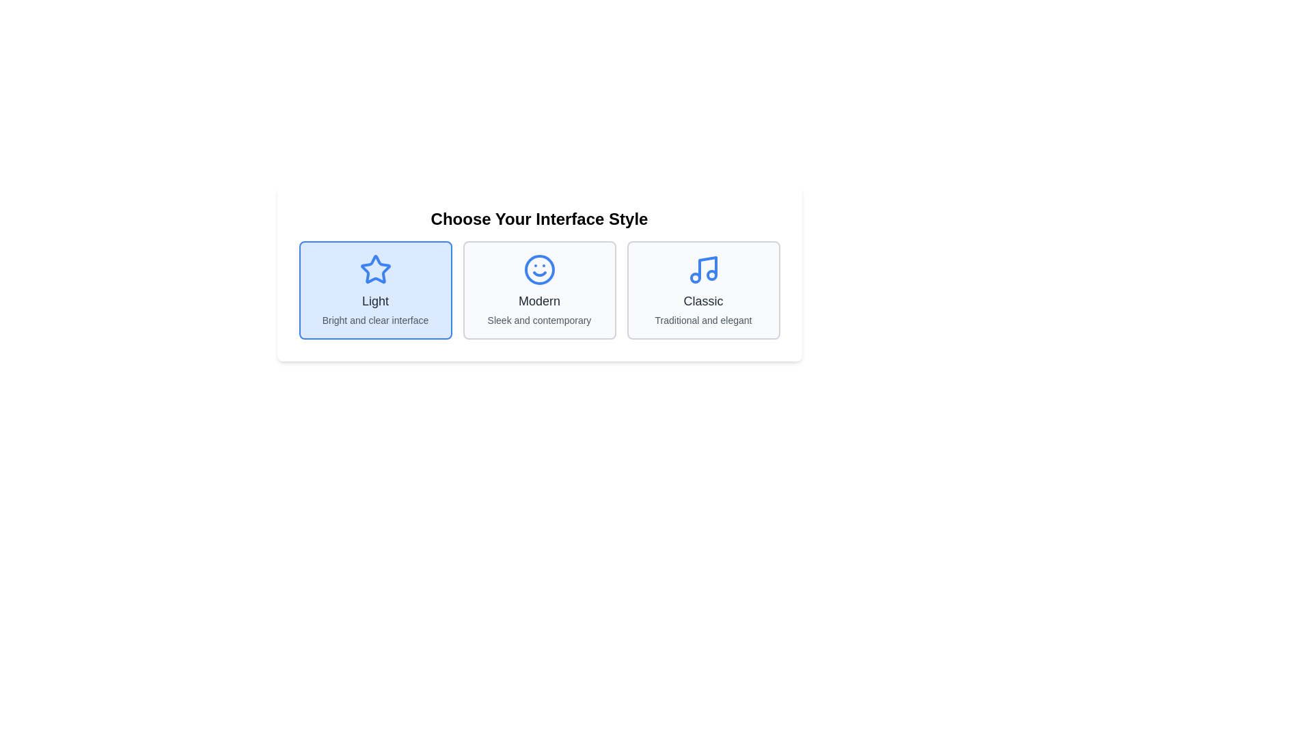 The width and height of the screenshot is (1312, 738). What do you see at coordinates (538, 289) in the screenshot?
I see `details of the 'Modern' option card, which is centrally positioned in a group of three theme selection cards, flanked by 'Light' and 'Classic'` at bounding box center [538, 289].